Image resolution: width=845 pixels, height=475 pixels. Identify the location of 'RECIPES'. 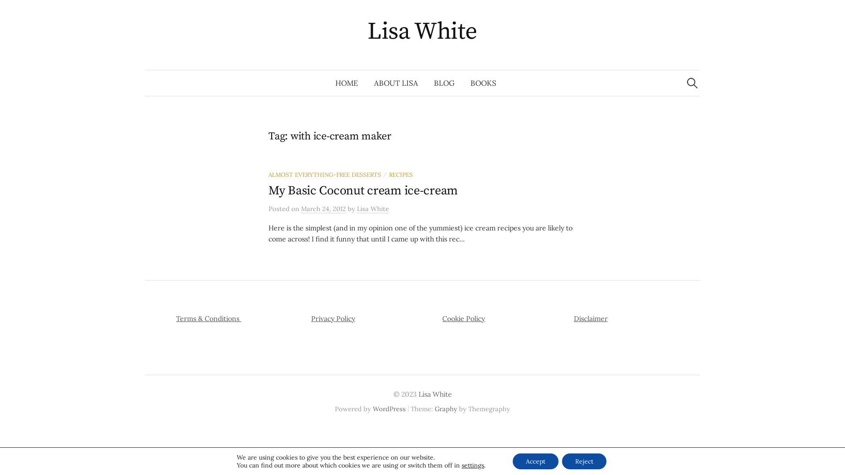
(400, 175).